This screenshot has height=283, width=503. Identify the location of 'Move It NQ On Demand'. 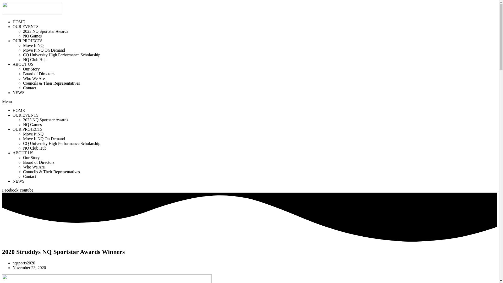
(44, 50).